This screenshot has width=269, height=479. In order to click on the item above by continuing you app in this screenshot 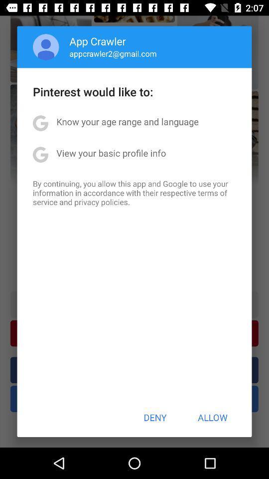, I will do `click(111, 153)`.